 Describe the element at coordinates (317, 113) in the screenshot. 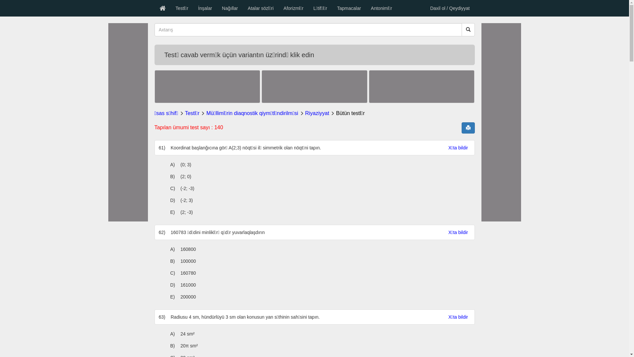

I see `'Riyaziyyat'` at that location.